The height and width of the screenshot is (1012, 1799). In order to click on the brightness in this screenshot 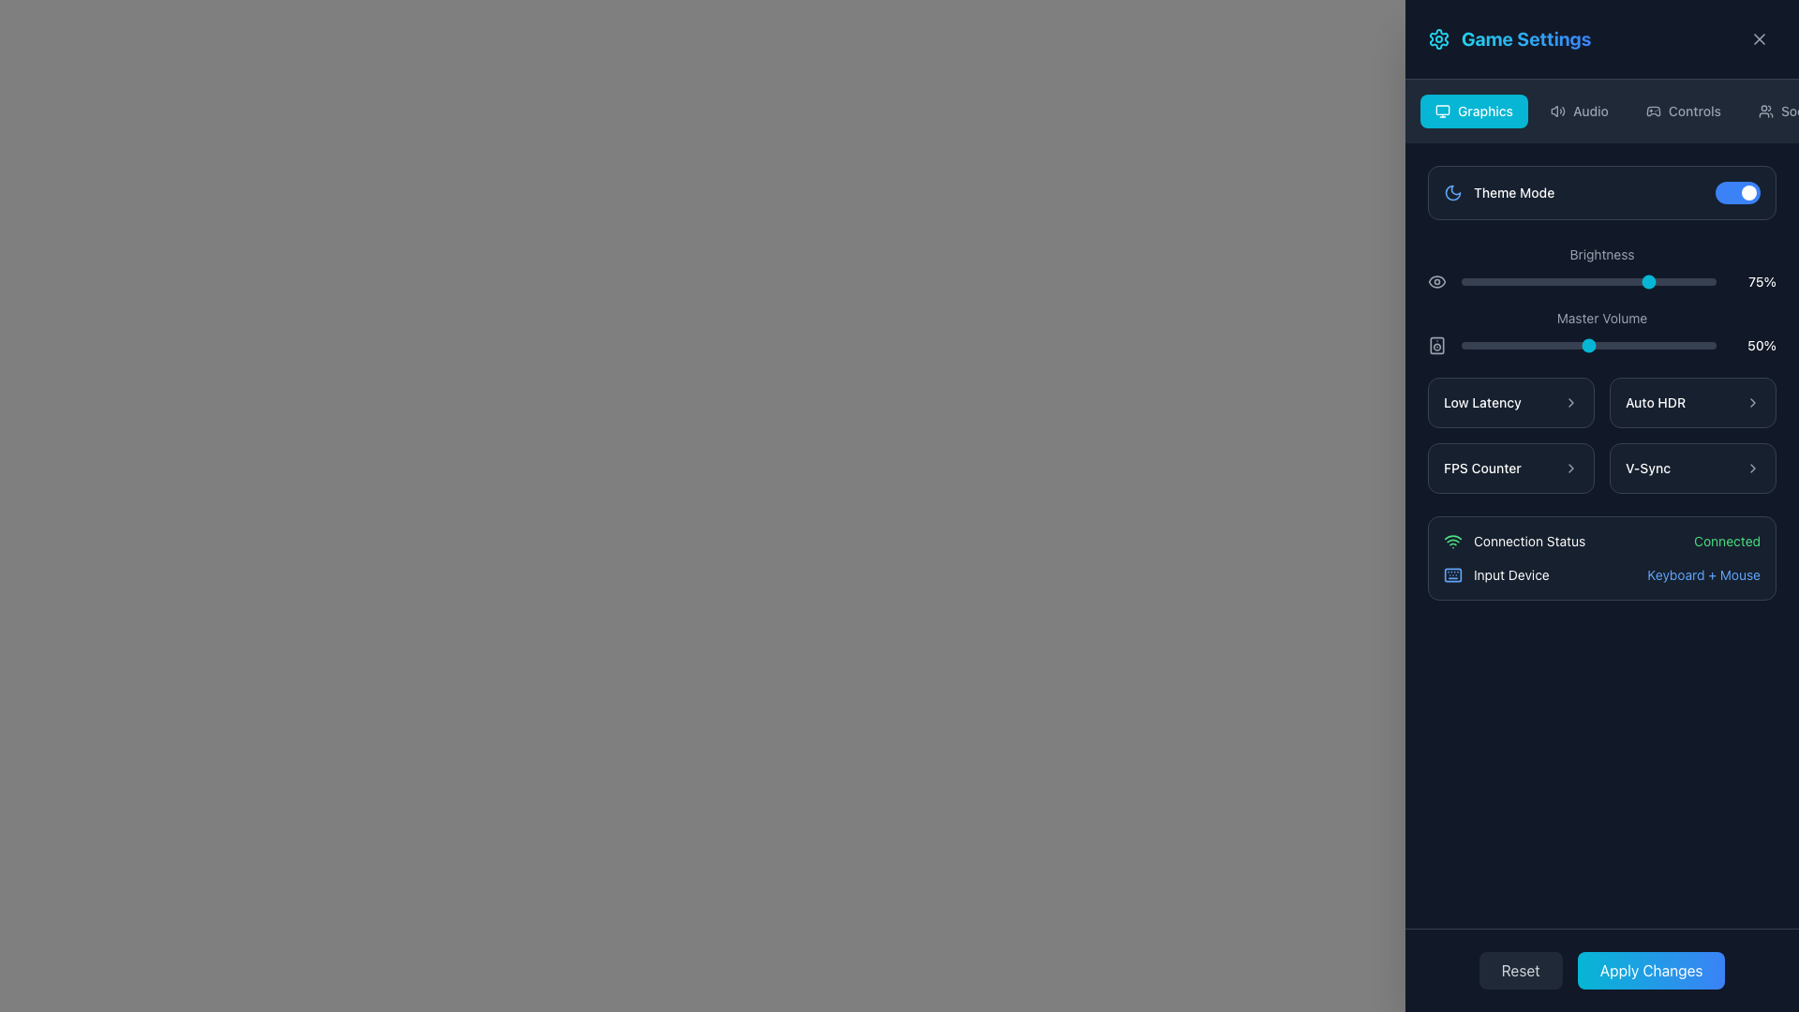, I will do `click(1463, 281)`.